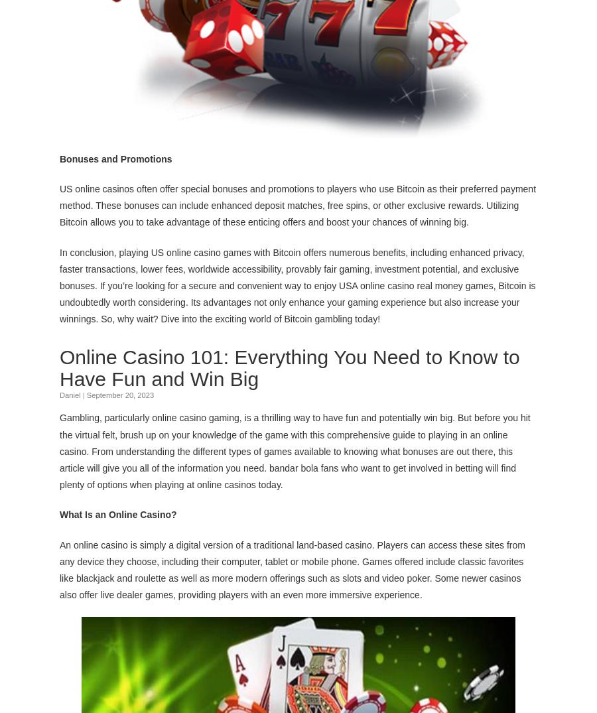 The height and width of the screenshot is (713, 597). Describe the element at coordinates (115, 157) in the screenshot. I see `'Bonuses and Promotions'` at that location.